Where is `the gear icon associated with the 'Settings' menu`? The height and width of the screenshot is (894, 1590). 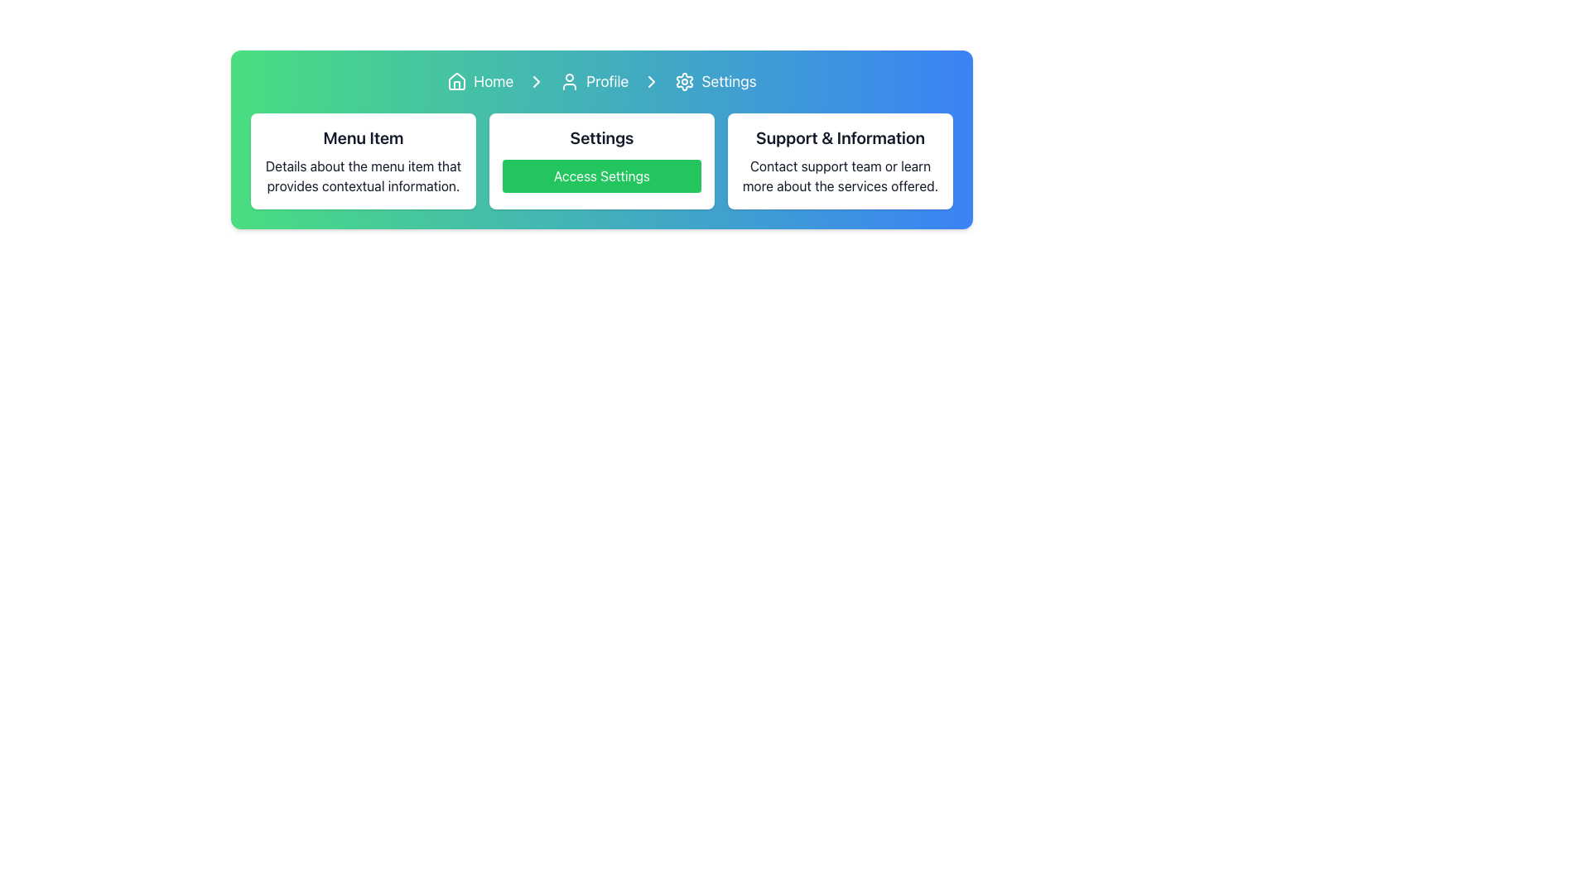 the gear icon associated with the 'Settings' menu is located at coordinates (685, 82).